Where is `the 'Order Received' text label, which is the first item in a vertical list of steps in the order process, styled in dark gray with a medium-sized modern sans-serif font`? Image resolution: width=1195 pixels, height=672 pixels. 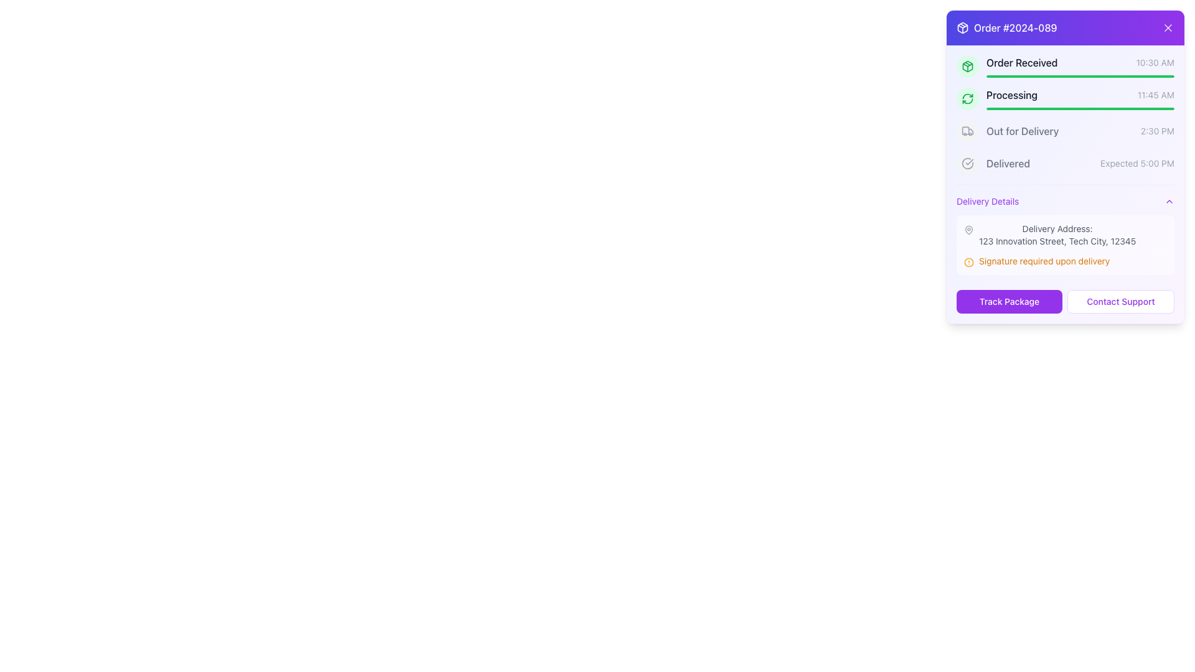
the 'Order Received' text label, which is the first item in a vertical list of steps in the order process, styled in dark gray with a medium-sized modern sans-serif font is located at coordinates (1022, 62).